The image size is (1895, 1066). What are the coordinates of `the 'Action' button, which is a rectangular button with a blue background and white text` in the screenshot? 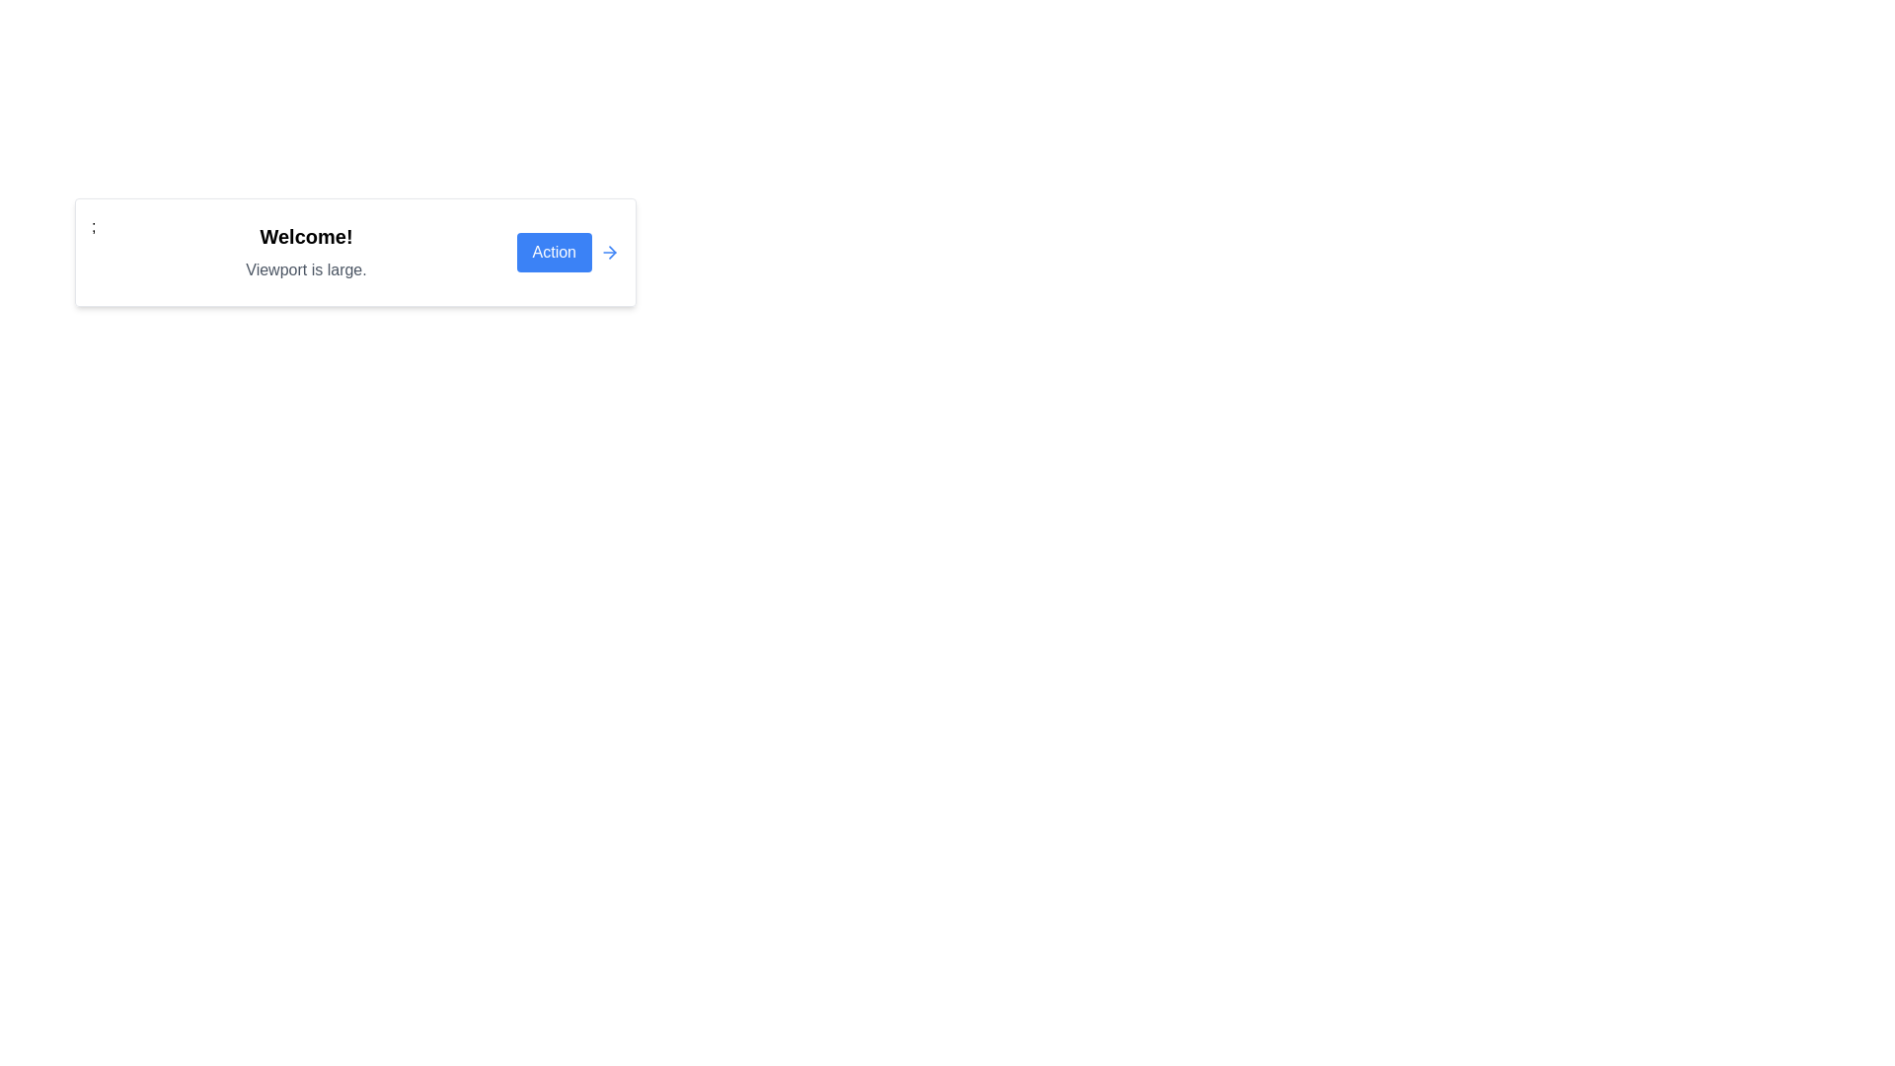 It's located at (553, 251).